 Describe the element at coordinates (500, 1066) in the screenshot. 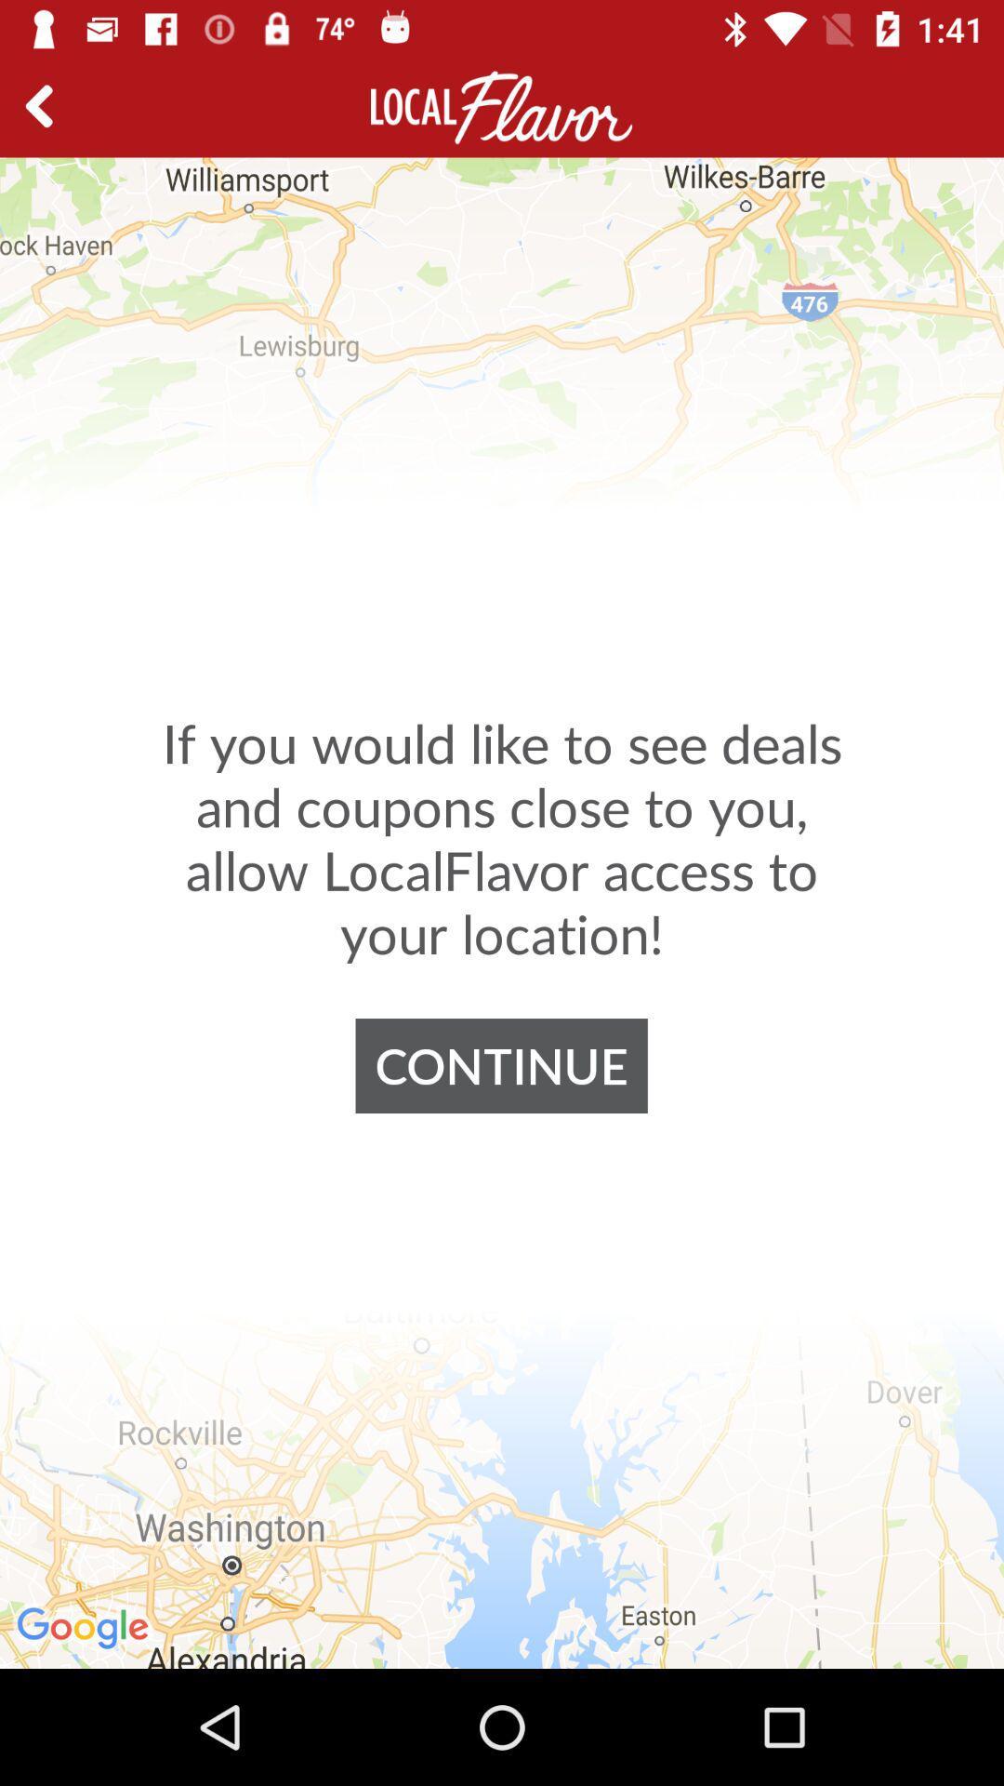

I see `the icon below if you would` at that location.